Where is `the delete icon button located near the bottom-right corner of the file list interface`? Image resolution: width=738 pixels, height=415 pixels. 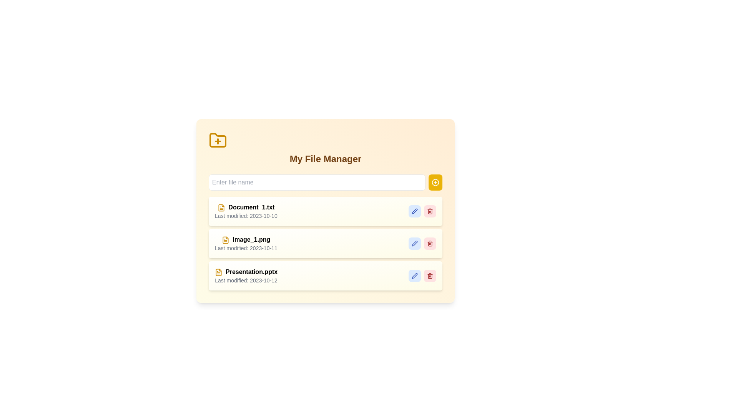 the delete icon button located near the bottom-right corner of the file list interface is located at coordinates (429, 275).